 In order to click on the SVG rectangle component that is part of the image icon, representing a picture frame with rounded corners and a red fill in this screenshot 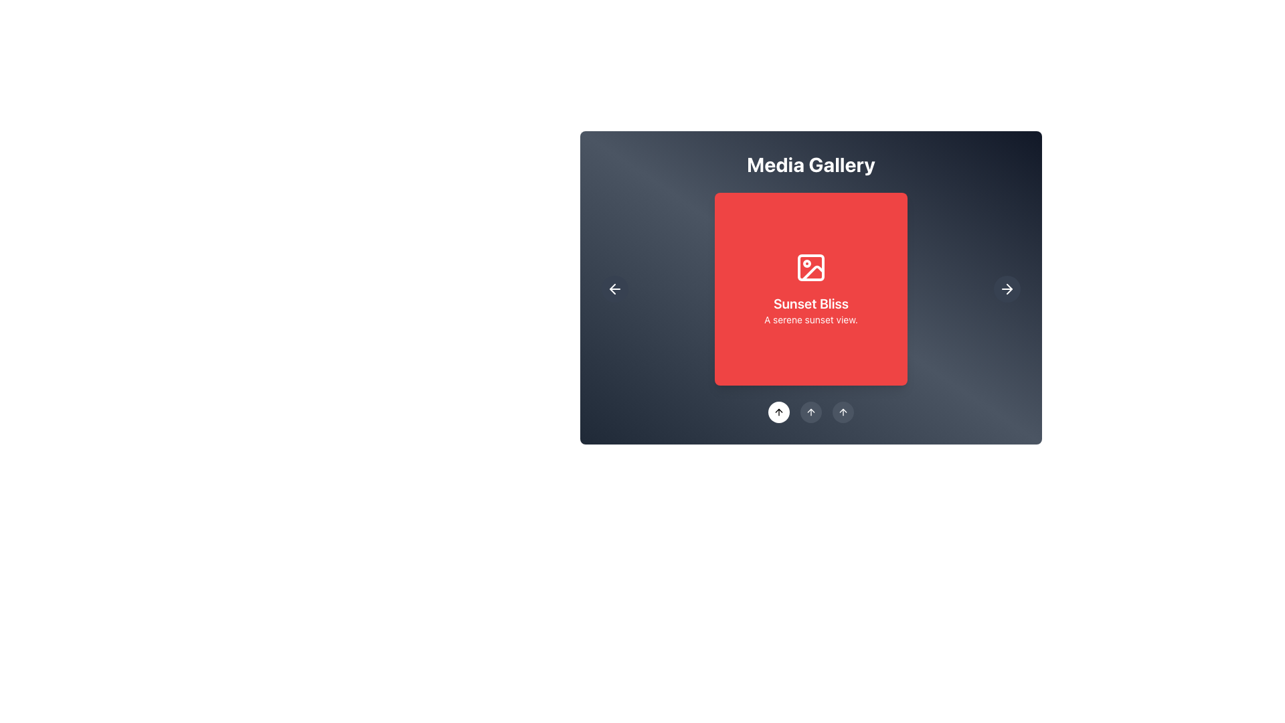, I will do `click(810, 268)`.